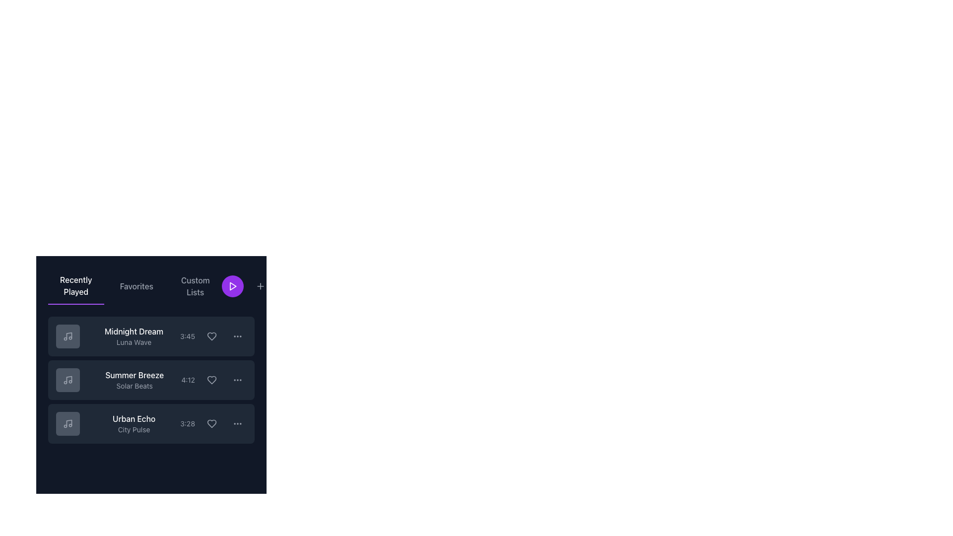  I want to click on the static text label displaying '3:45', which indicates the duration of the audio track 'Midnight Dream' by Luna Wave, to trigger the tooltip or highlight, so click(188, 336).